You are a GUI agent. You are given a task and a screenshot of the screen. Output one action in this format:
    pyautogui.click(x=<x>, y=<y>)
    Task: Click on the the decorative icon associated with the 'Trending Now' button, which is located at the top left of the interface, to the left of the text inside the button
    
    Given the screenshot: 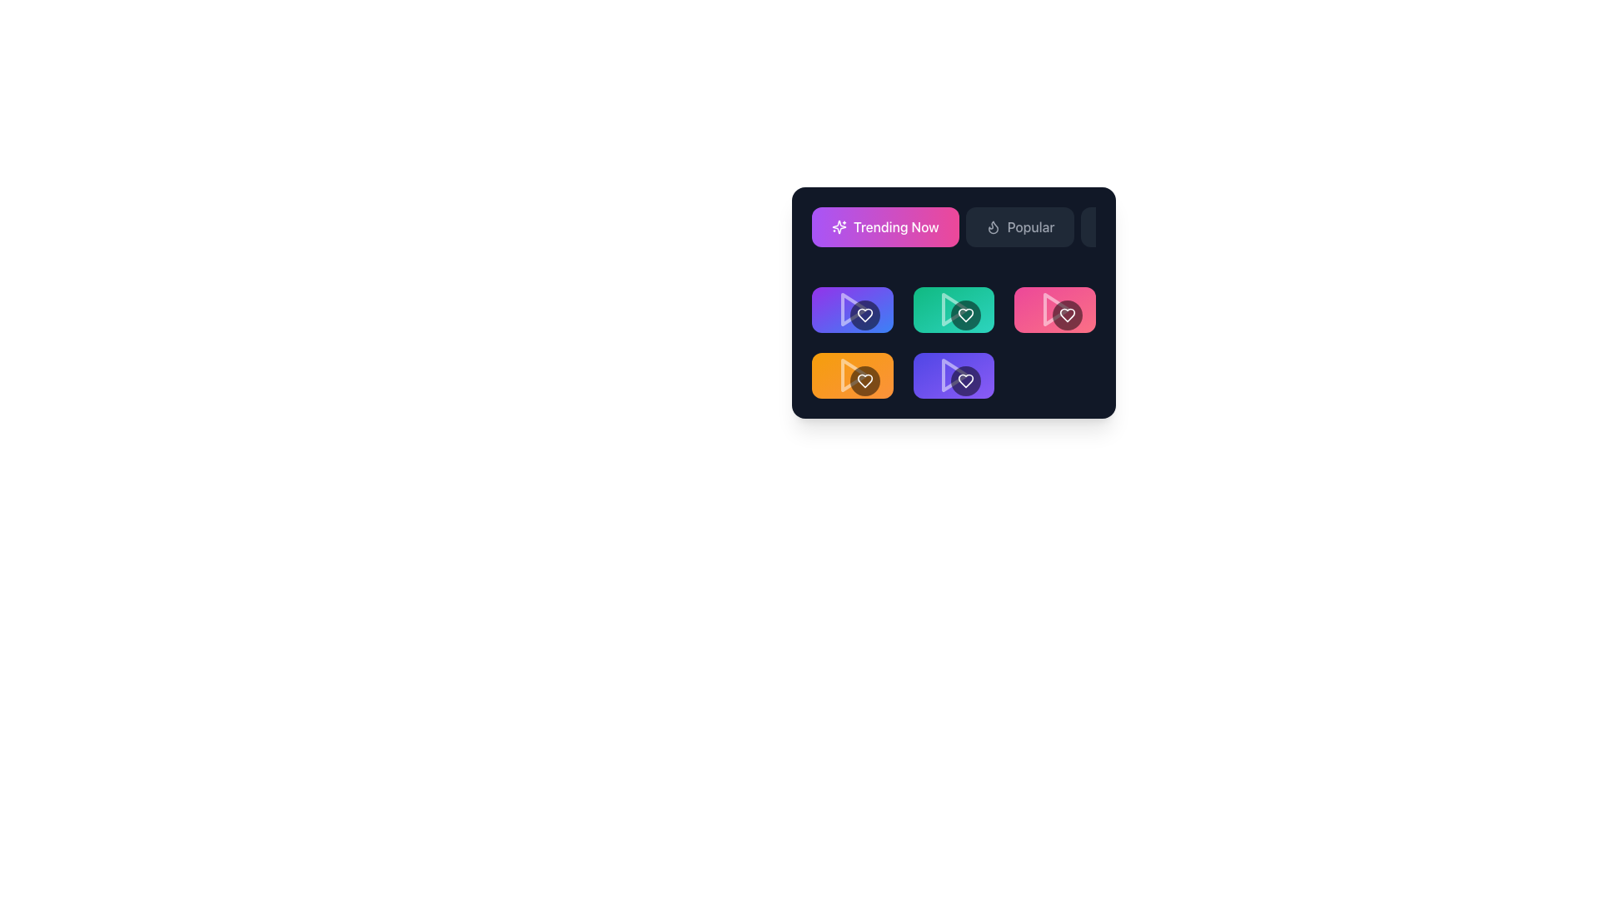 What is the action you would take?
    pyautogui.click(x=839, y=227)
    